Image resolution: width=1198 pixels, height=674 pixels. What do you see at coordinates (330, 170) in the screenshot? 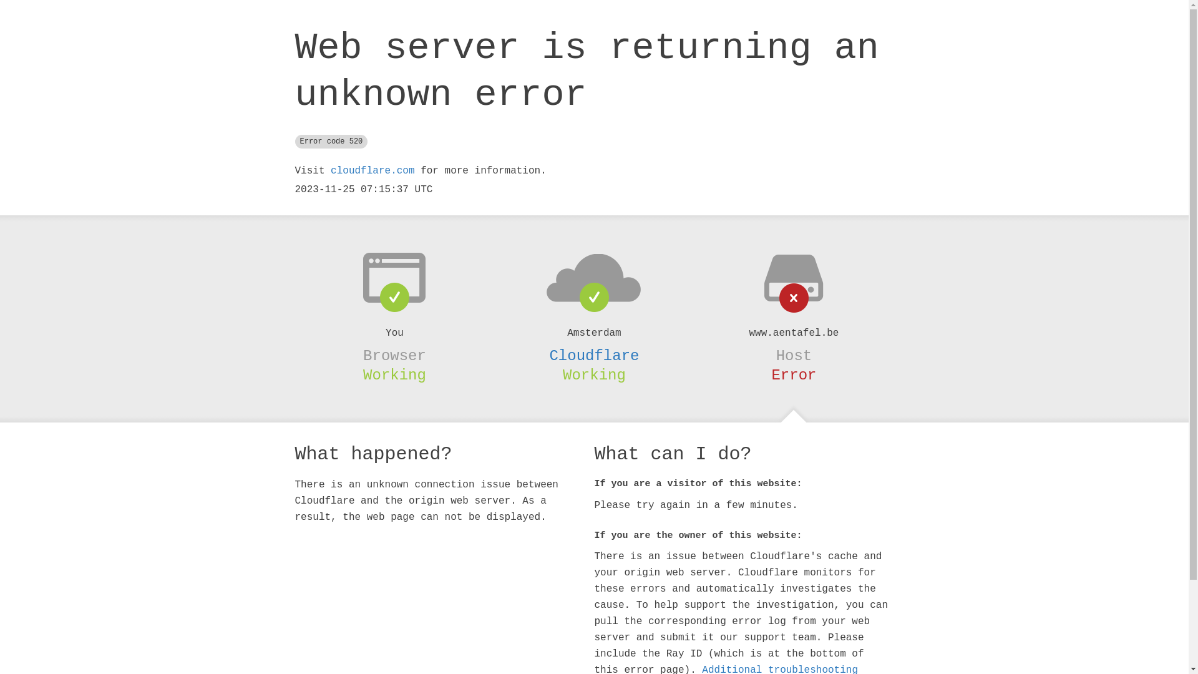
I see `'cloudflare.com'` at bounding box center [330, 170].